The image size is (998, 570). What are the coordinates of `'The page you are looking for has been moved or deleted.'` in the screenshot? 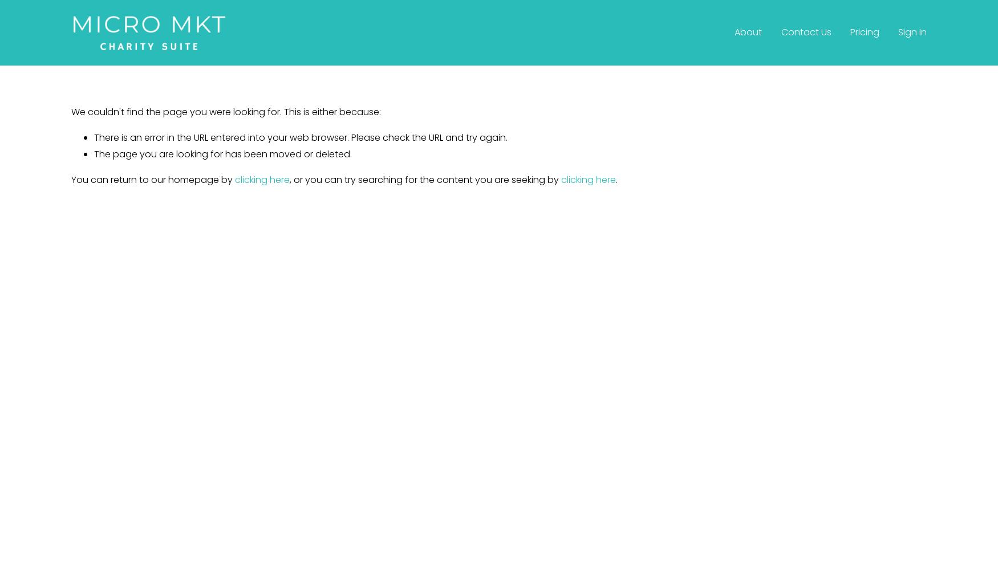 It's located at (94, 154).